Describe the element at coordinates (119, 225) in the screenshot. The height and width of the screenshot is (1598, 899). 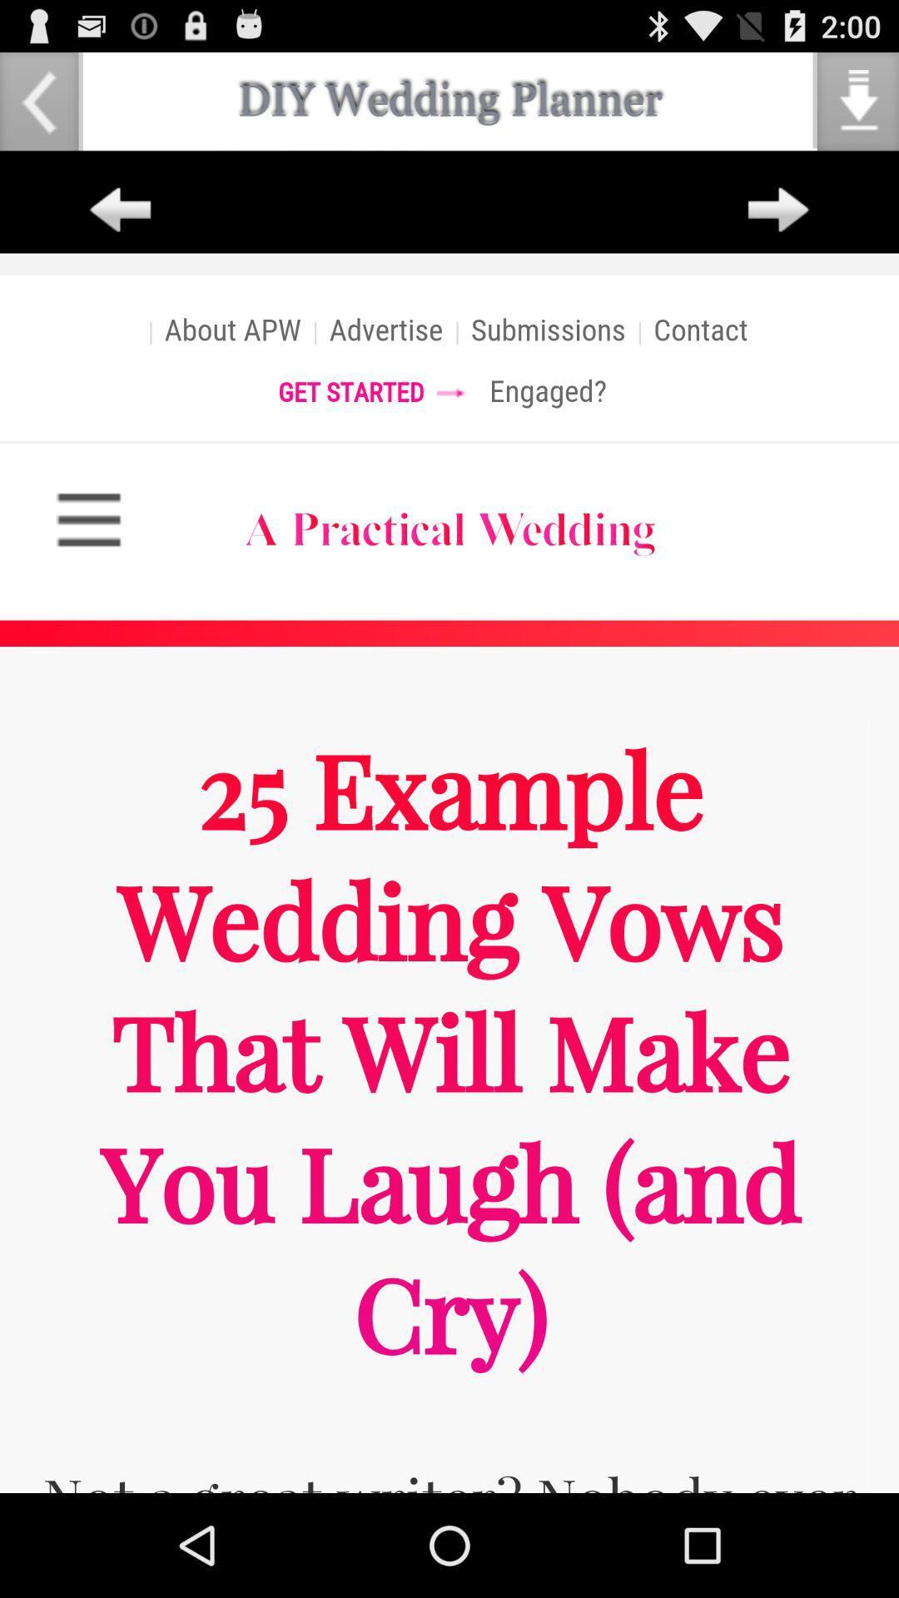
I see `the arrow_backward icon` at that location.